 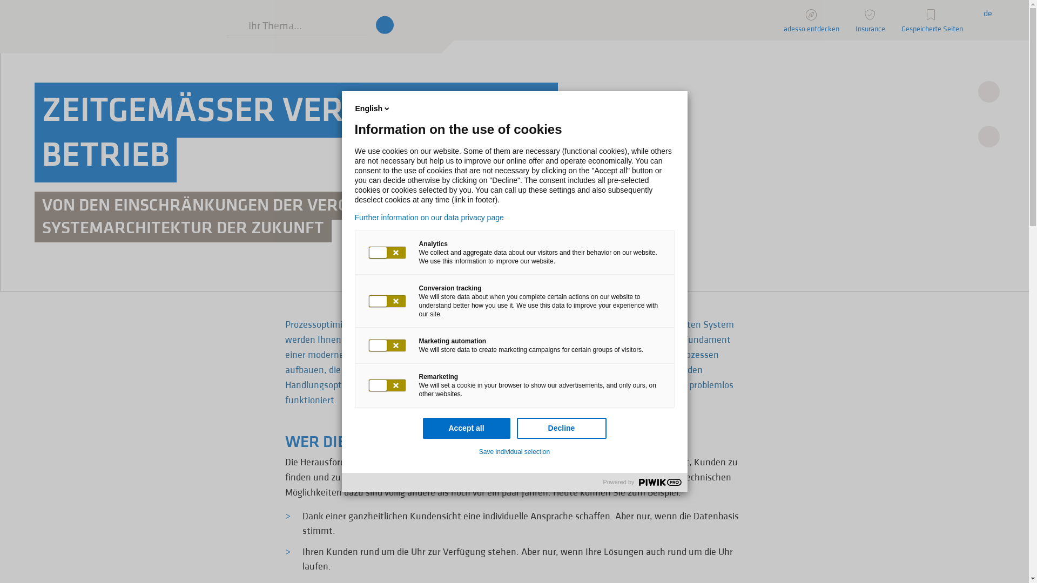 What do you see at coordinates (870, 20) in the screenshot?
I see `'Insurance'` at bounding box center [870, 20].